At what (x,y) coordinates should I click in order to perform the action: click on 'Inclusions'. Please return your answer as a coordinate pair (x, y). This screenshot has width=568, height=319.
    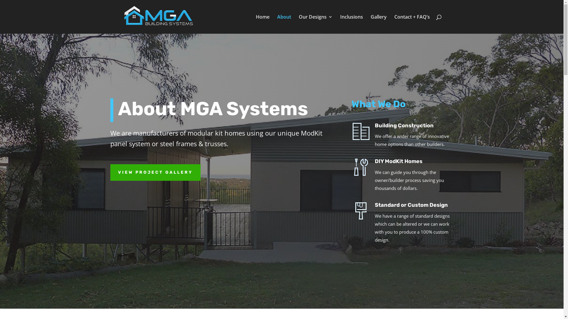
    Looking at the image, I should click on (351, 24).